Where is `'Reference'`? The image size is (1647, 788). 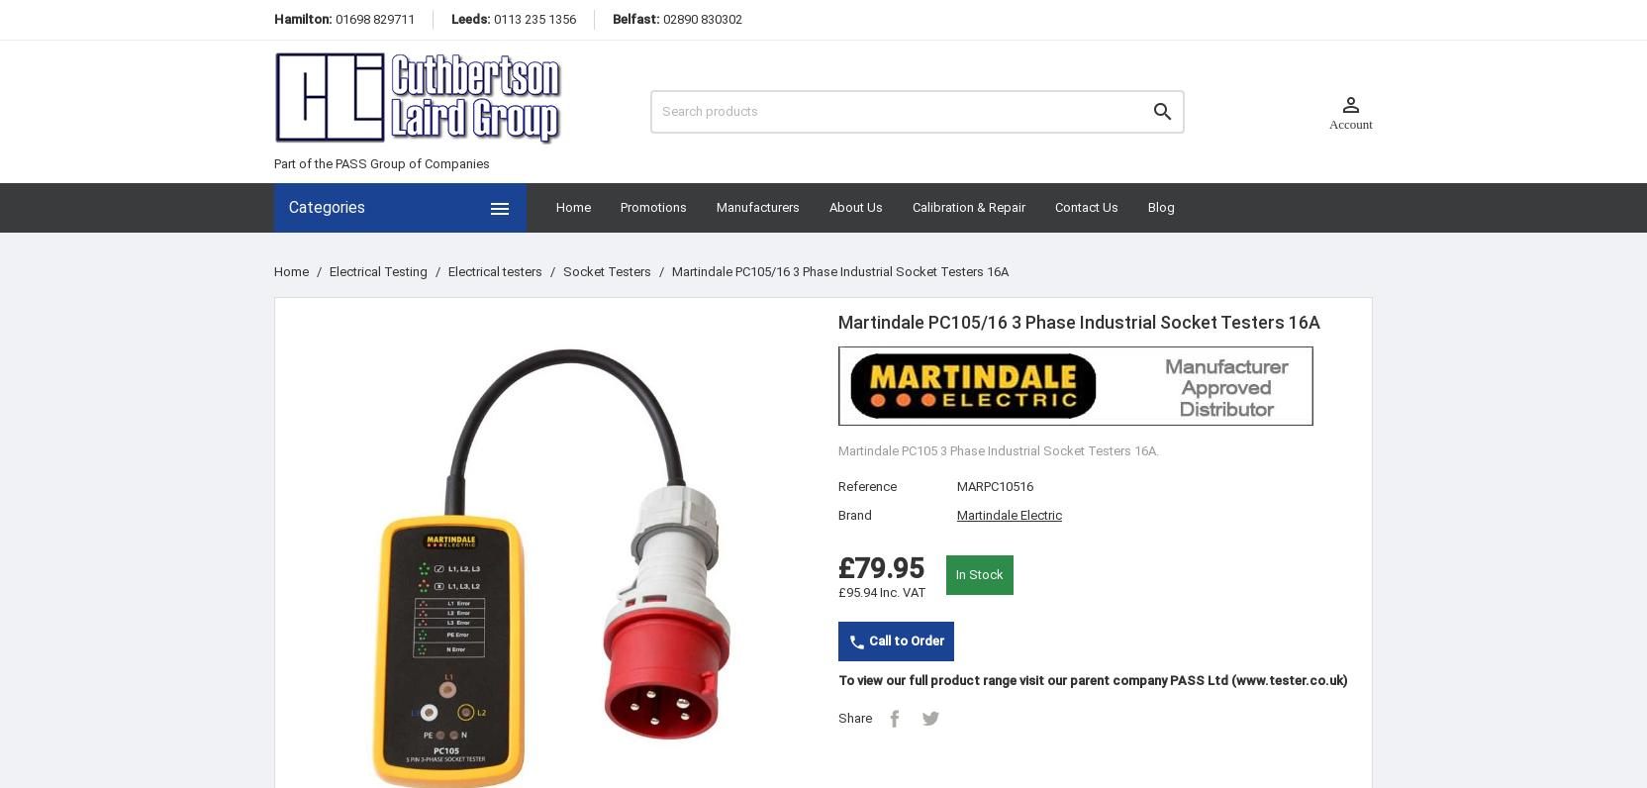
'Reference' is located at coordinates (836, 484).